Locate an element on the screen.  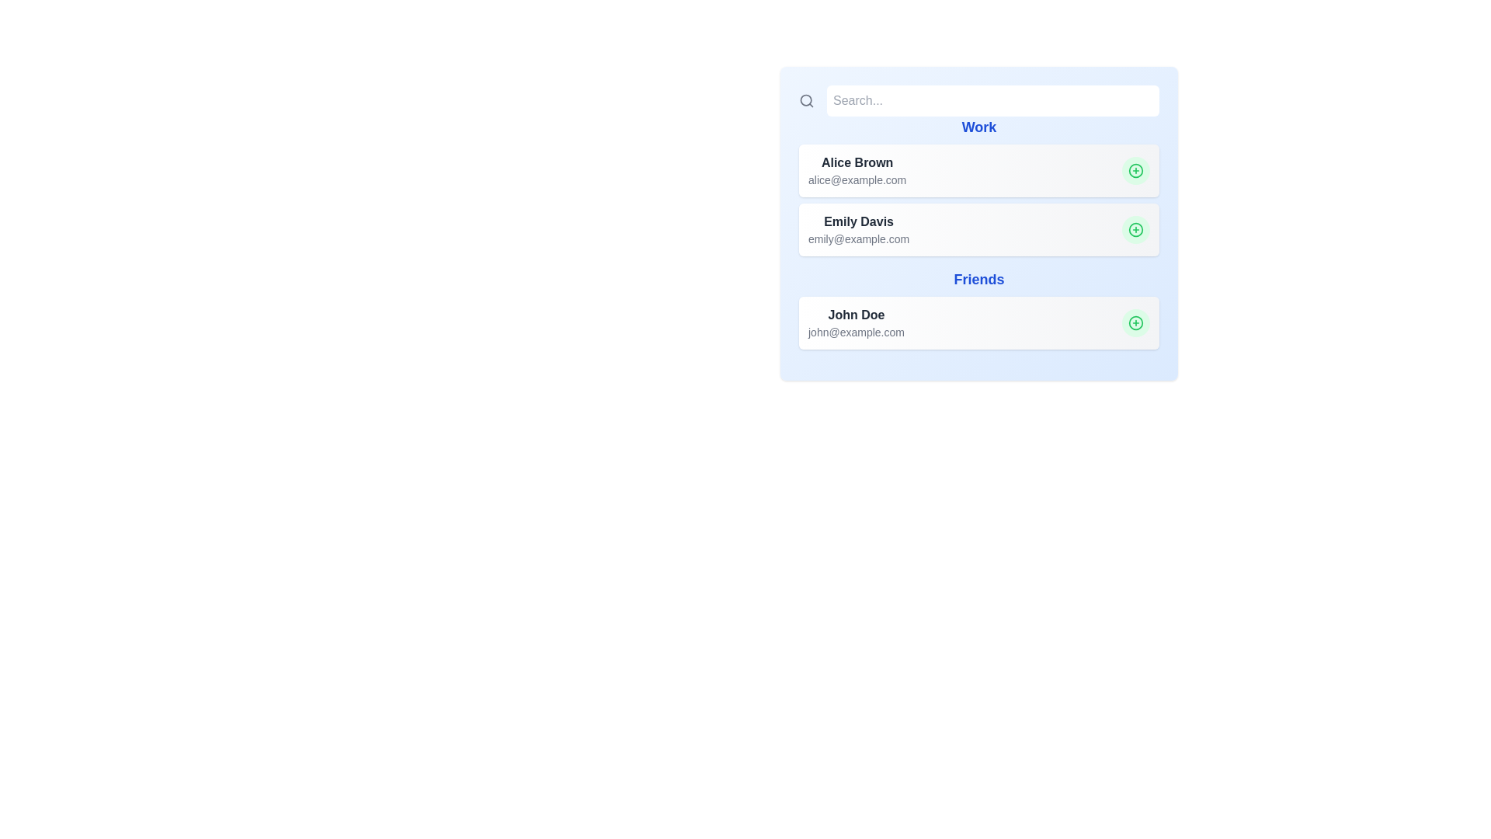
green button next to the contact named Alice Brown is located at coordinates (1136, 170).